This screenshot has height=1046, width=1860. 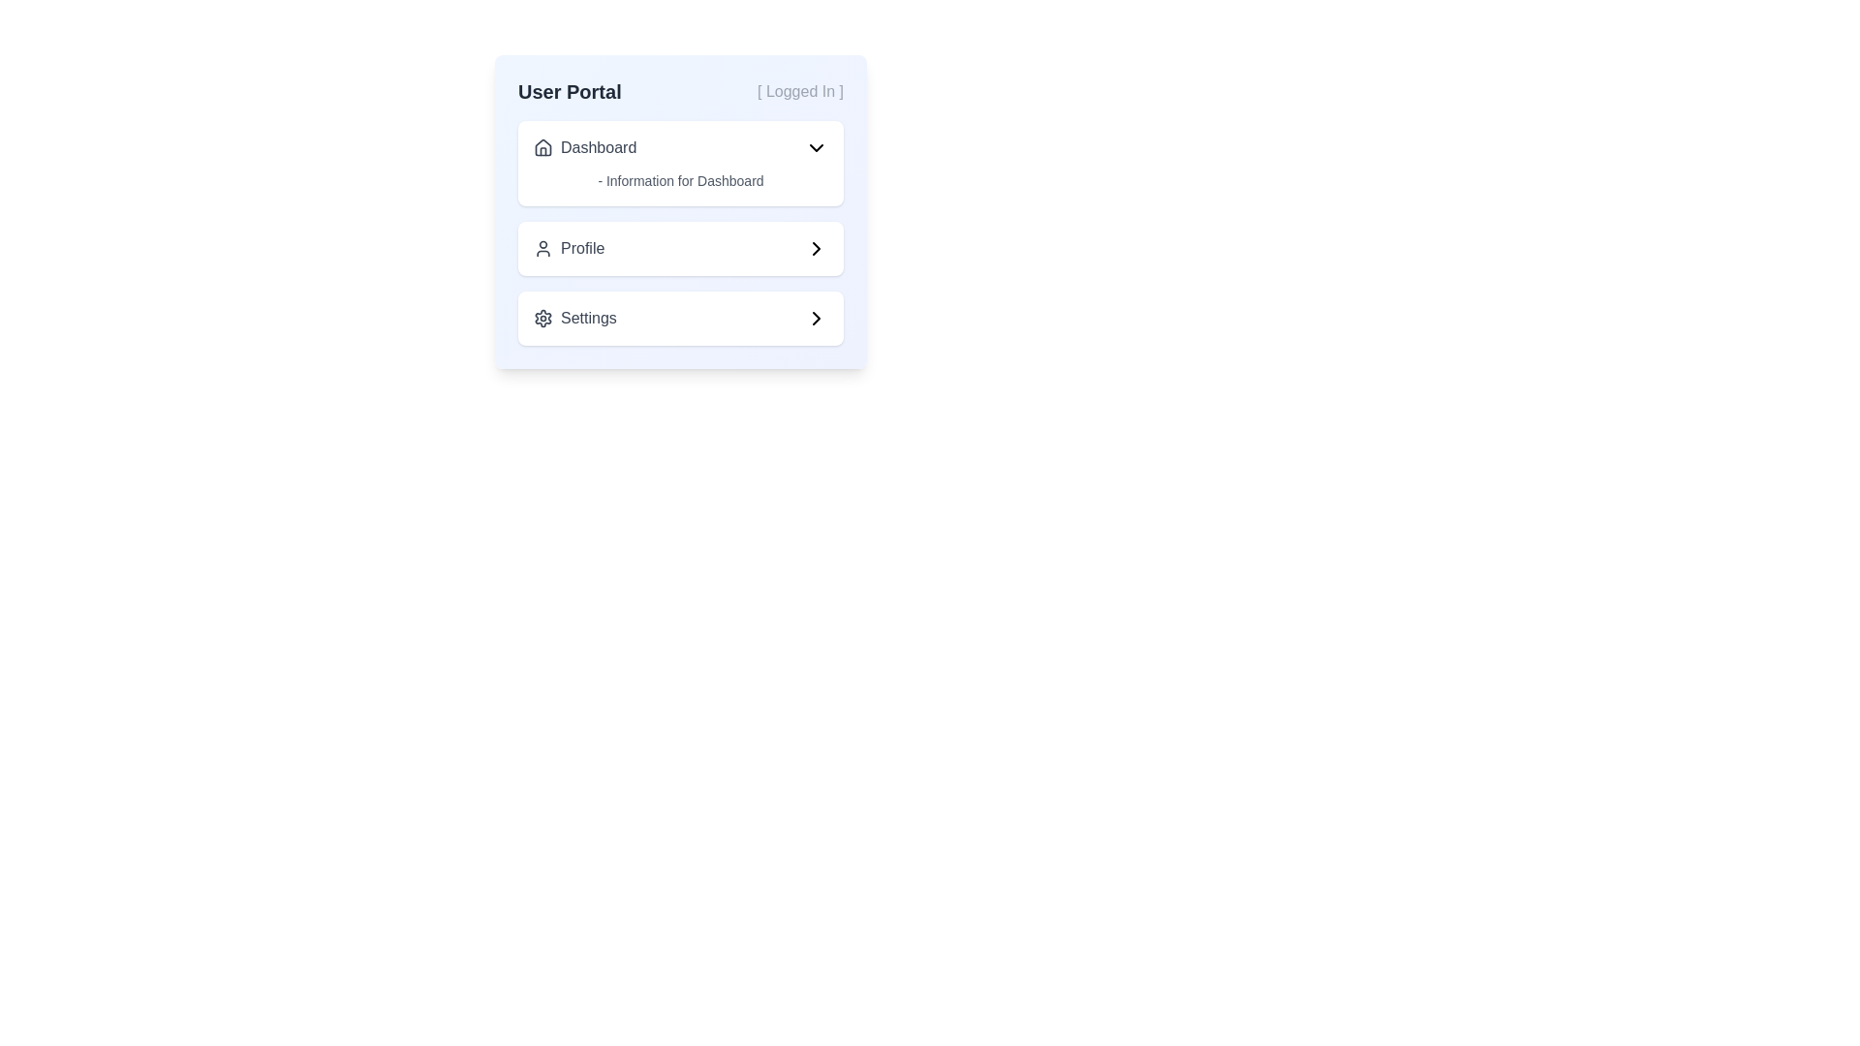 What do you see at coordinates (584, 147) in the screenshot?
I see `the 'Dashboard' navigation link located at the top of the vertically stacked menu` at bounding box center [584, 147].